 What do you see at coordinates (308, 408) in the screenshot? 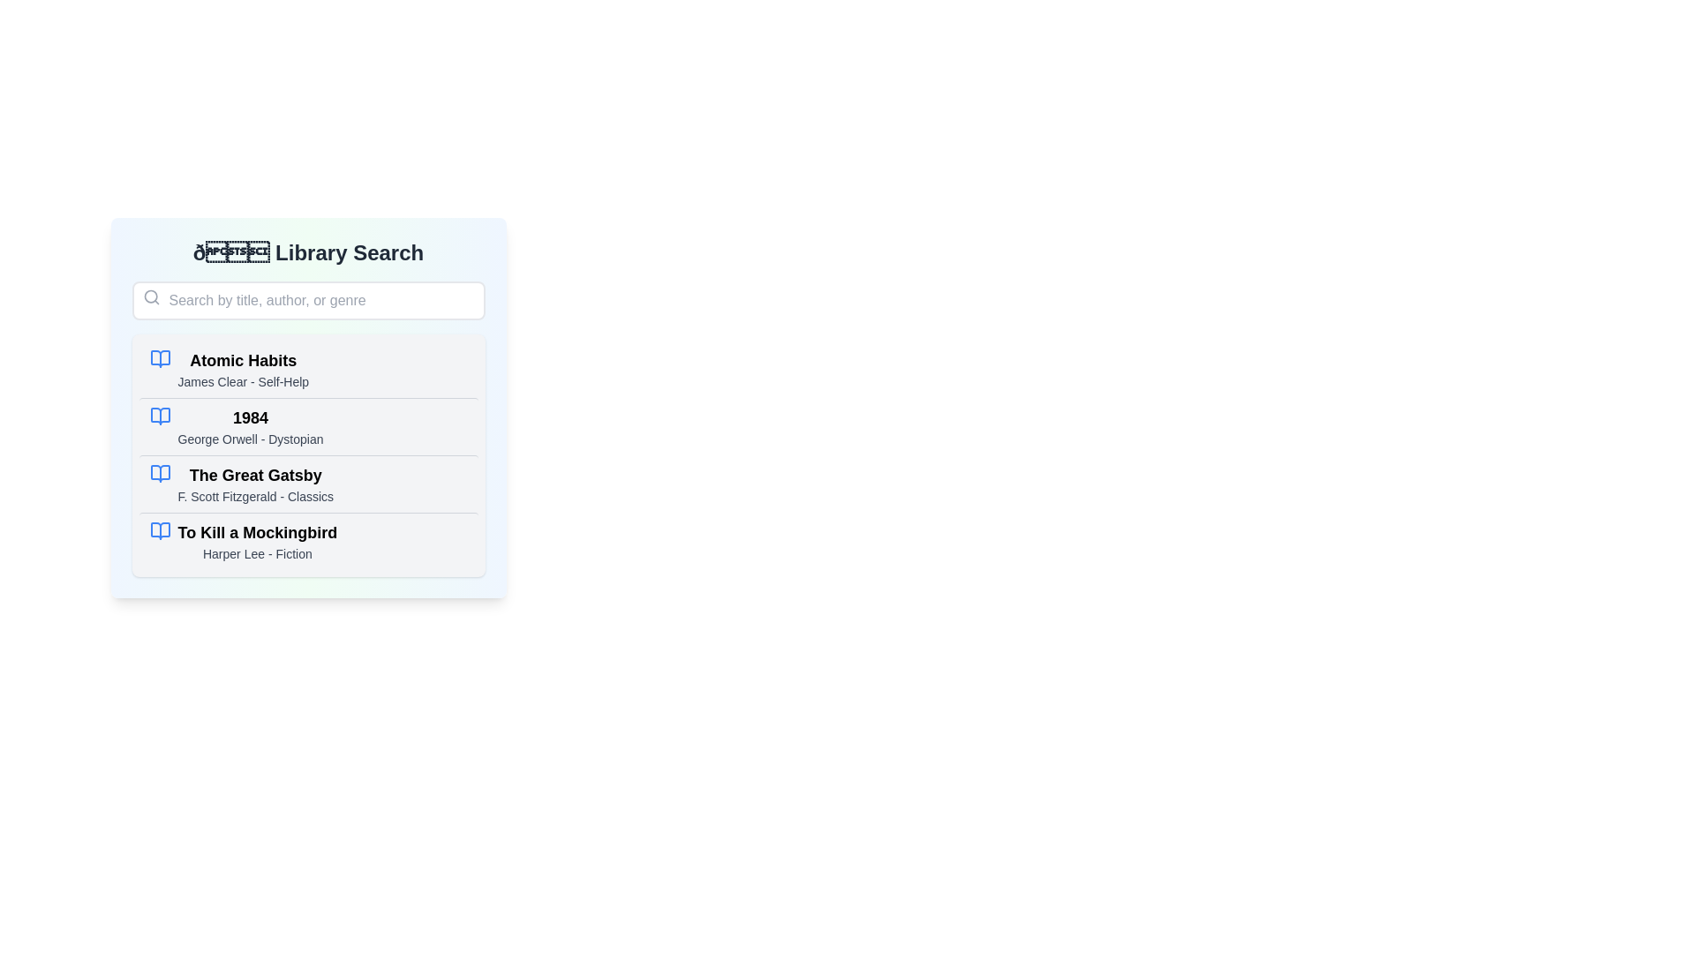
I see `the list item displaying '1984' by George Orwell, located in the Library Search section, which is the second item in the list` at bounding box center [308, 408].